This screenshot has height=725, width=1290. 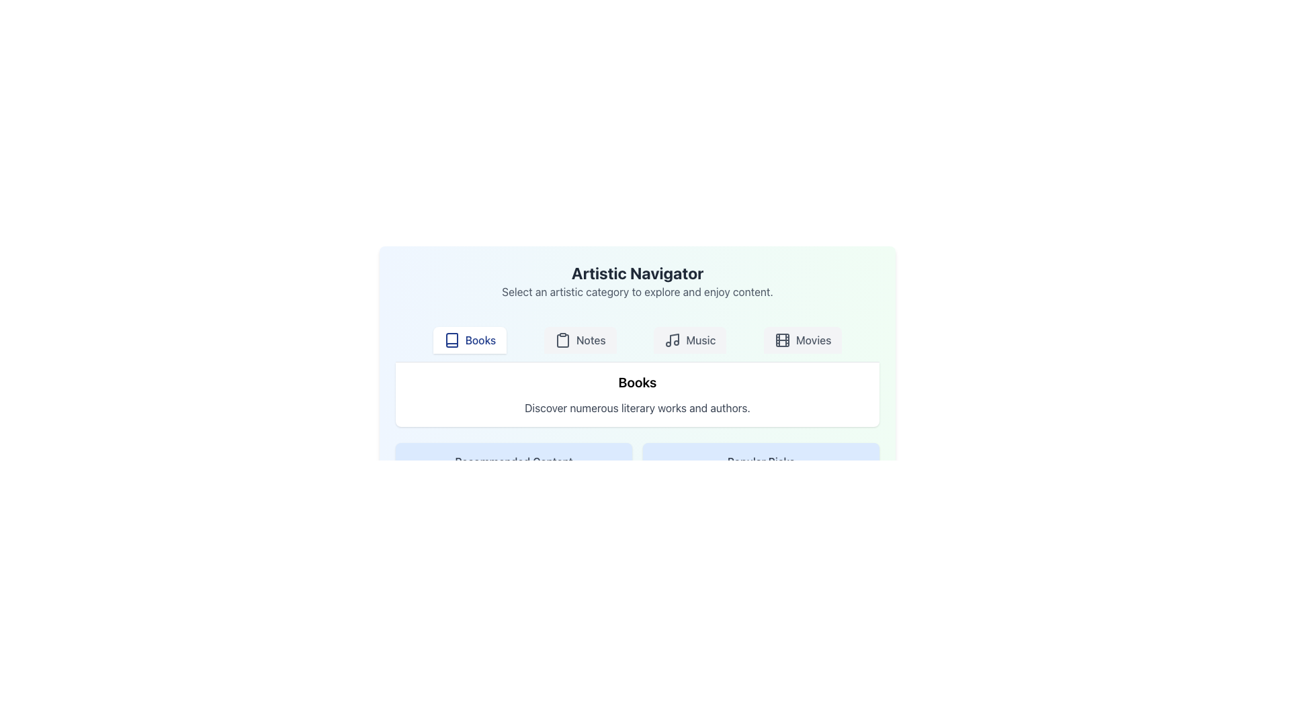 What do you see at coordinates (451, 339) in the screenshot?
I see `the blue book icon located to the left of the 'Books' text label in the 'Artistic Navigator' category row` at bounding box center [451, 339].